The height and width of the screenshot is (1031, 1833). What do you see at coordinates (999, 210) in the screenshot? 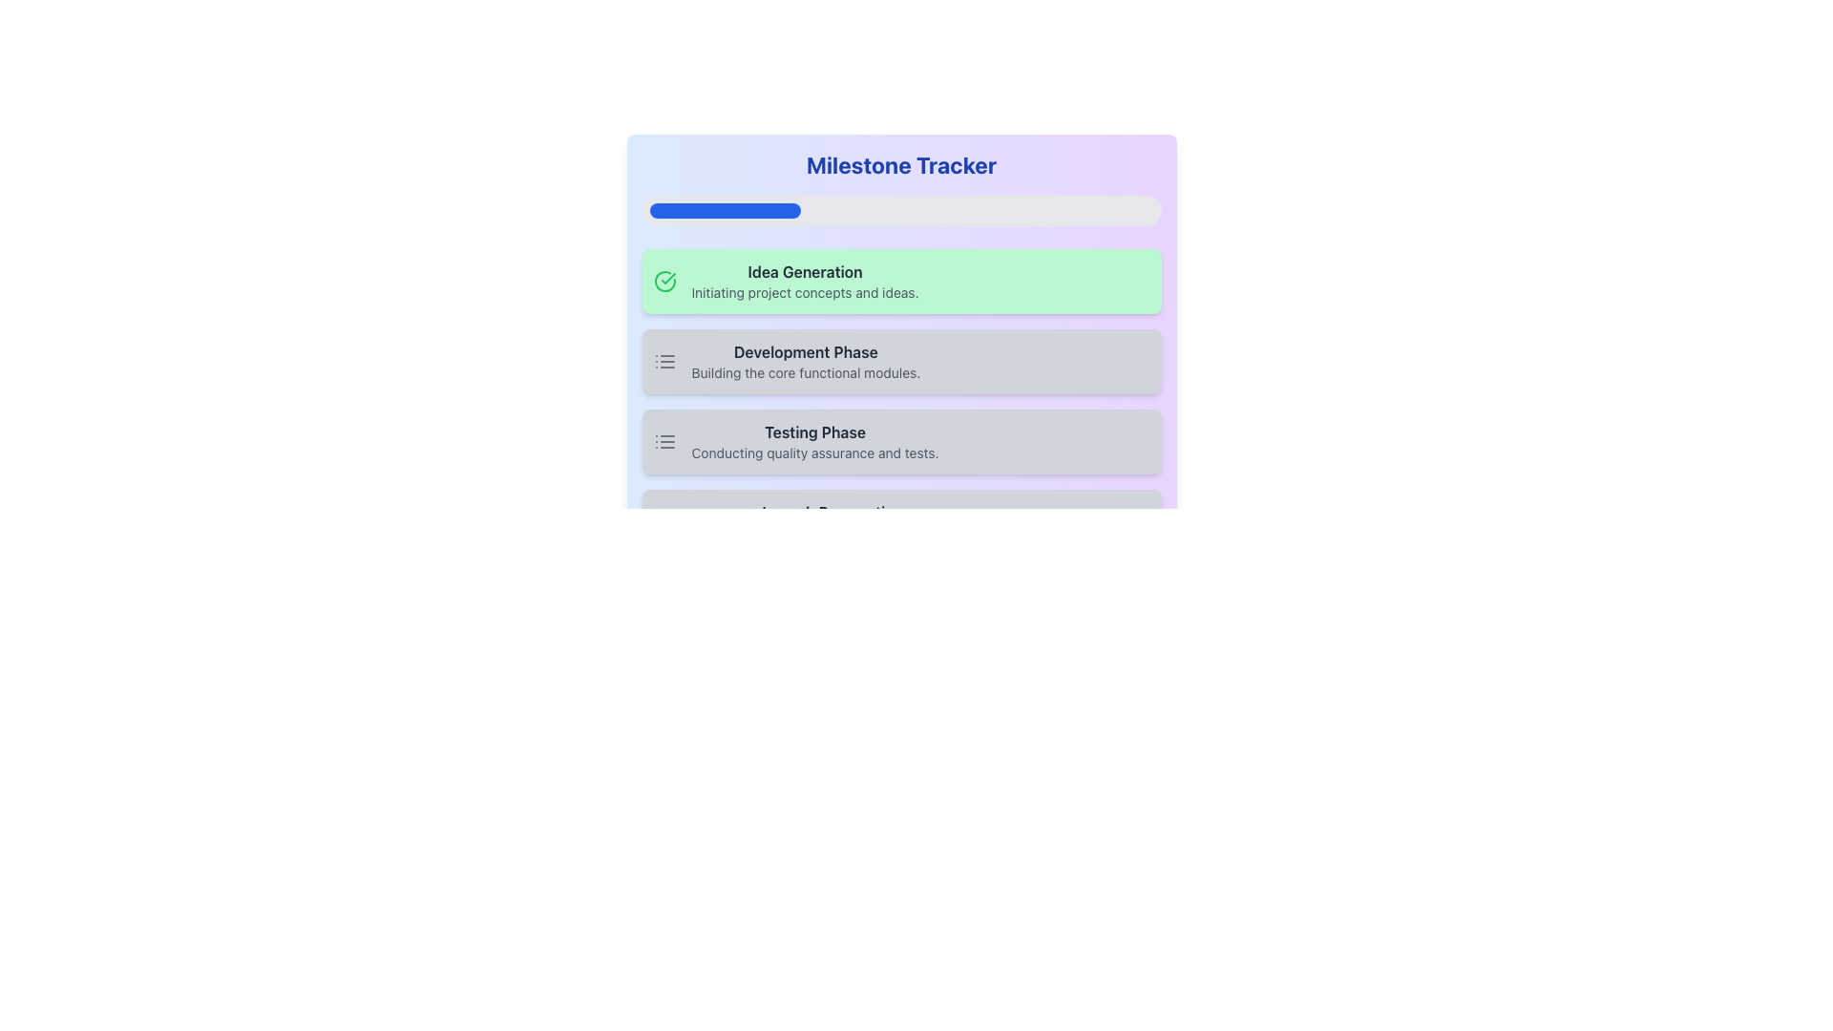
I see `the progress bar` at bounding box center [999, 210].